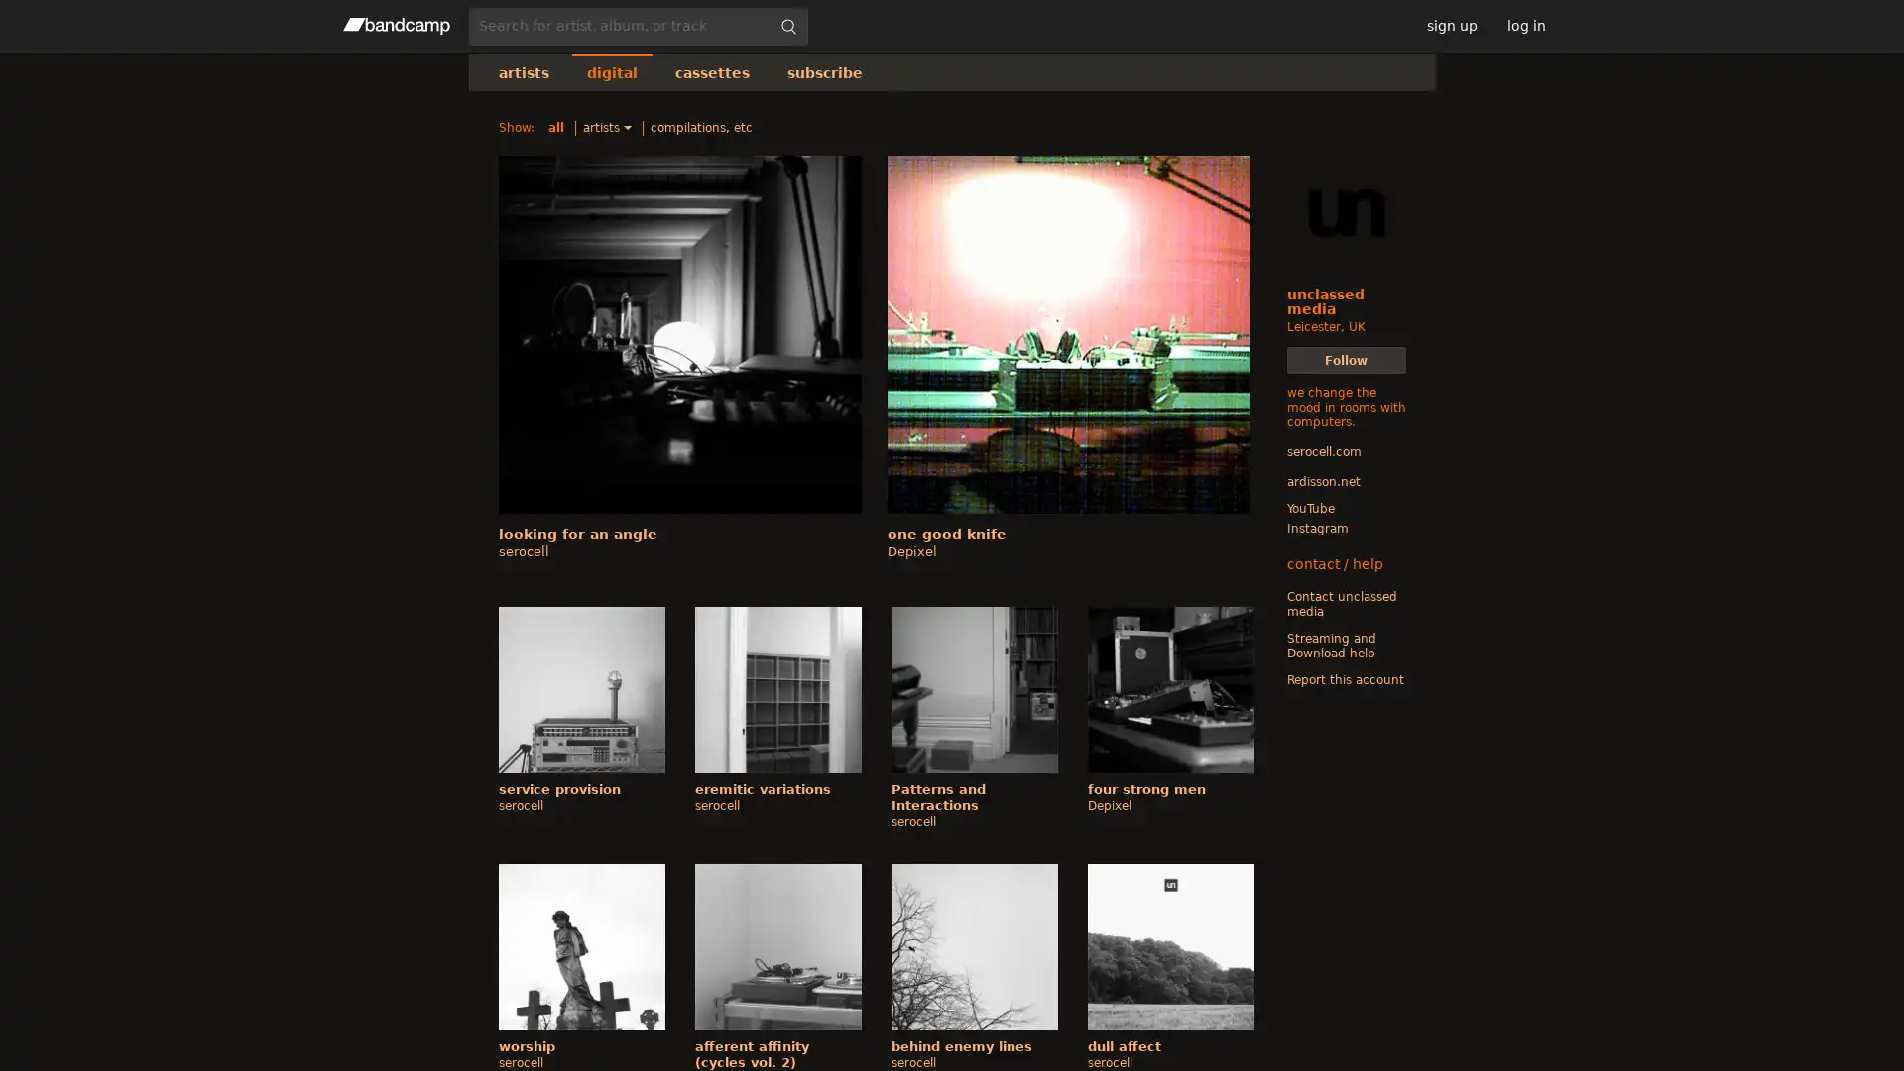  Describe the element at coordinates (787, 26) in the screenshot. I see `submit for full search page` at that location.